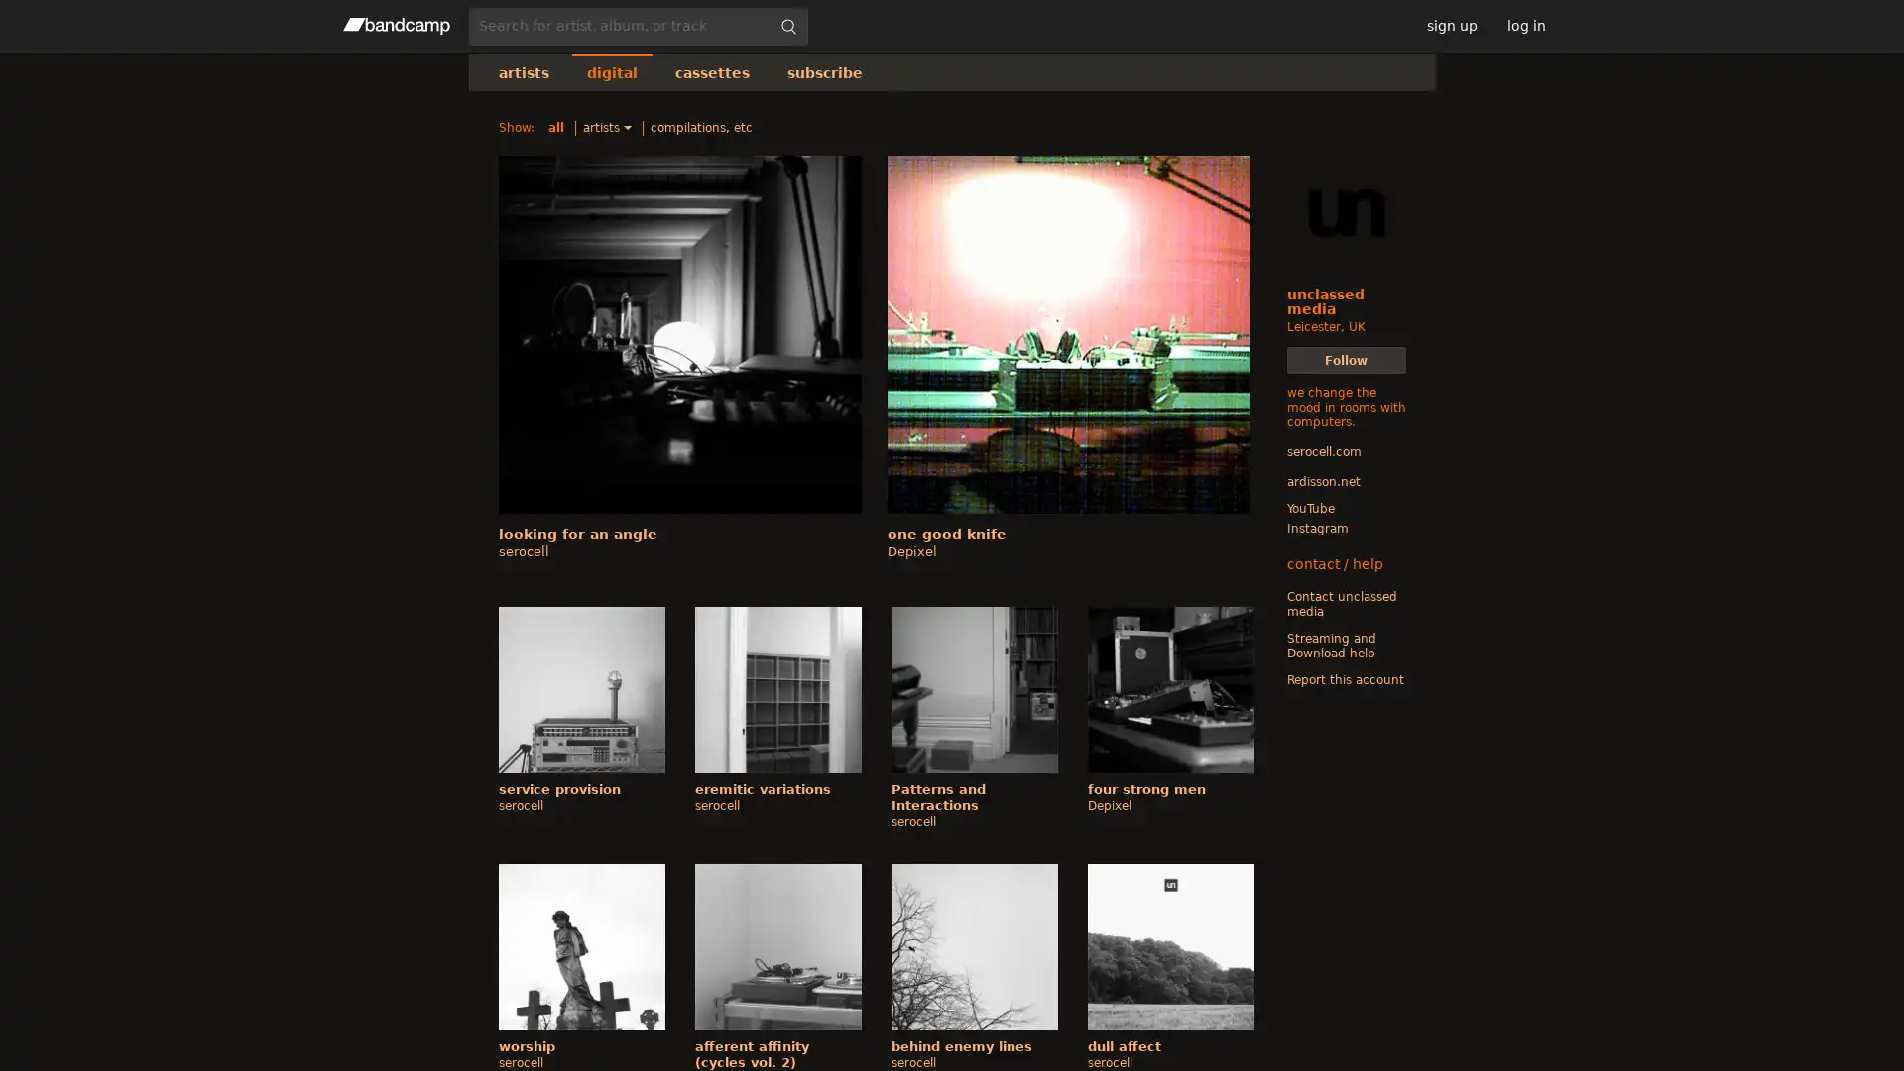  Describe the element at coordinates (787, 26) in the screenshot. I see `submit for full search page` at that location.